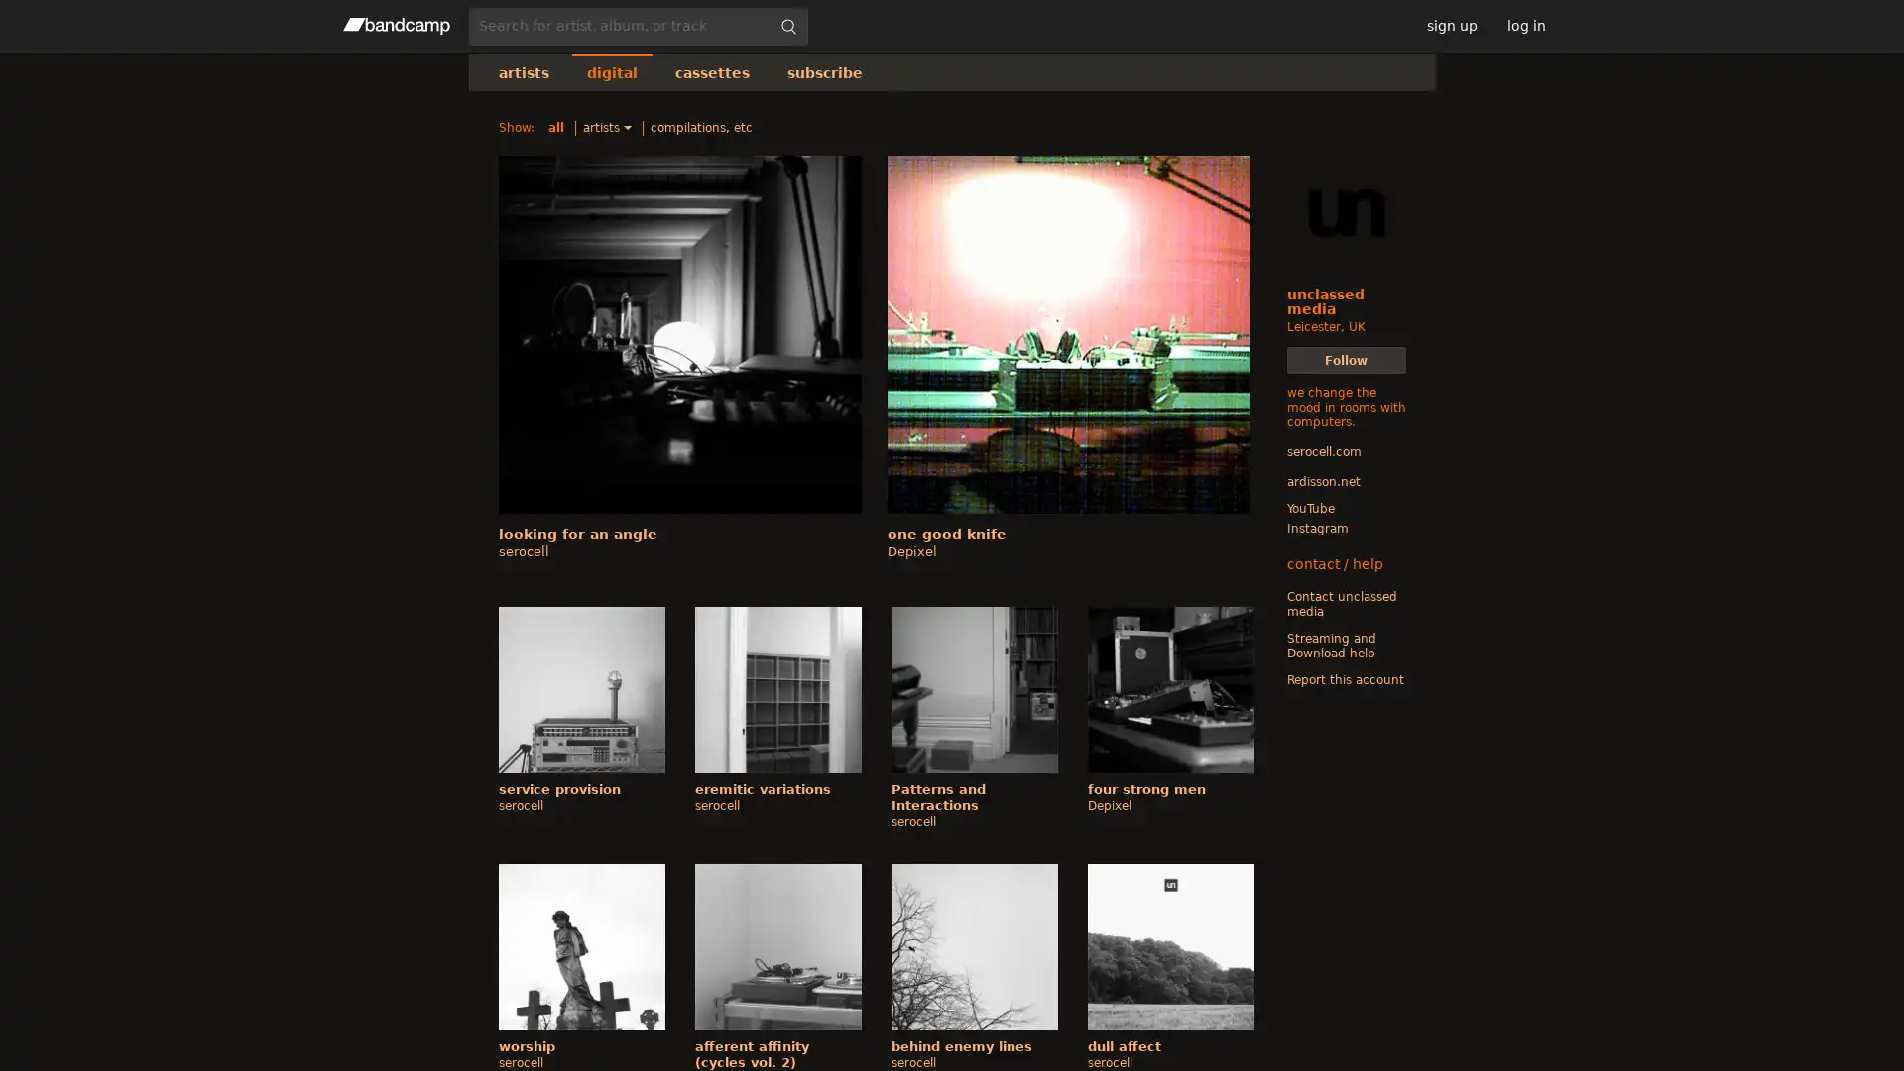  Describe the element at coordinates (787, 26) in the screenshot. I see `submit for full search page` at that location.